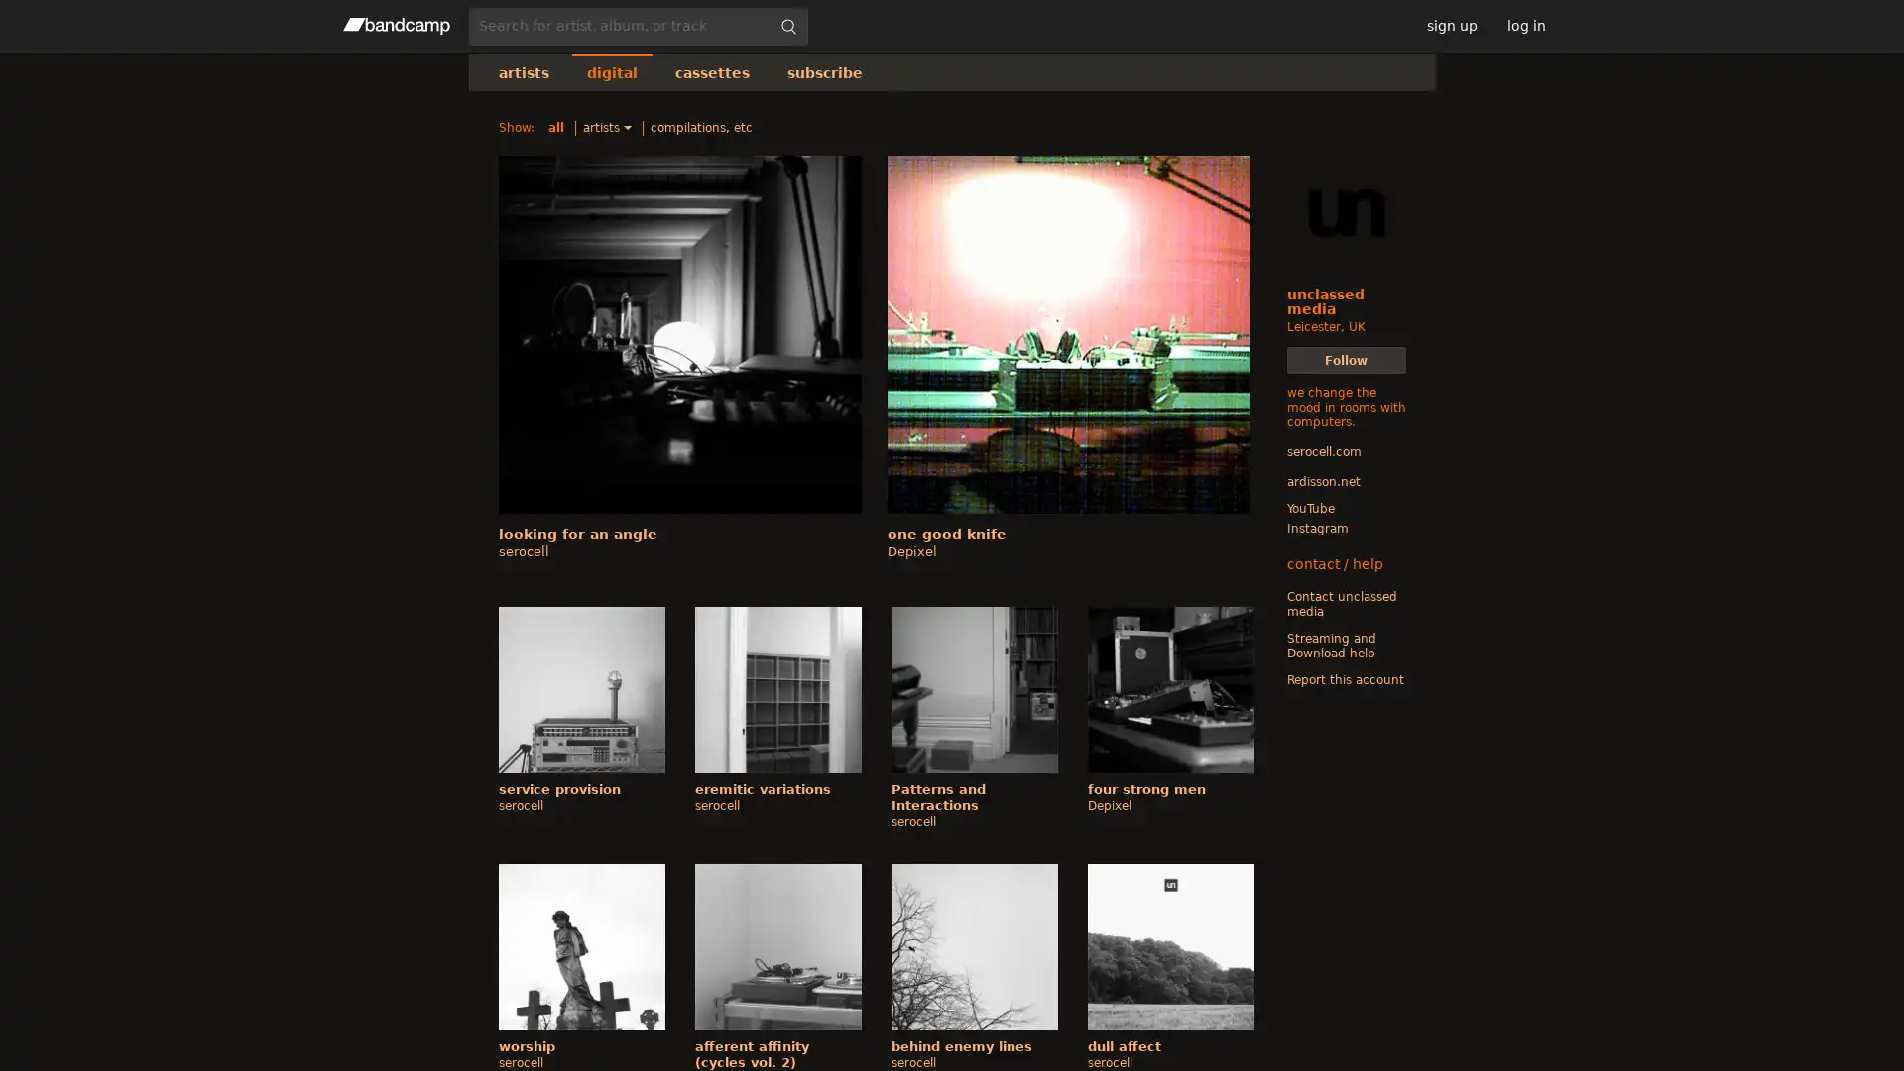  Describe the element at coordinates (787, 26) in the screenshot. I see `submit for full search page` at that location.